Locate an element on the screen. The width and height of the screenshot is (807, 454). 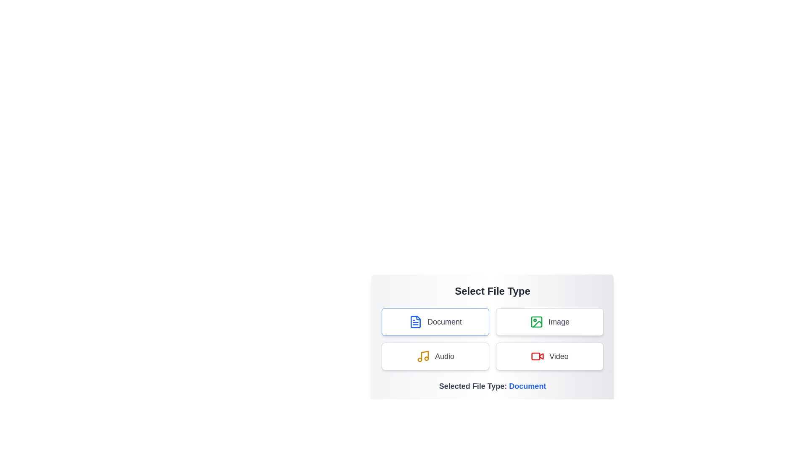
the red video icon that features a classic camera shape with a triangular play symbol, located to the left of the 'Video' text label within the 'Video' selection button is located at coordinates (537, 356).